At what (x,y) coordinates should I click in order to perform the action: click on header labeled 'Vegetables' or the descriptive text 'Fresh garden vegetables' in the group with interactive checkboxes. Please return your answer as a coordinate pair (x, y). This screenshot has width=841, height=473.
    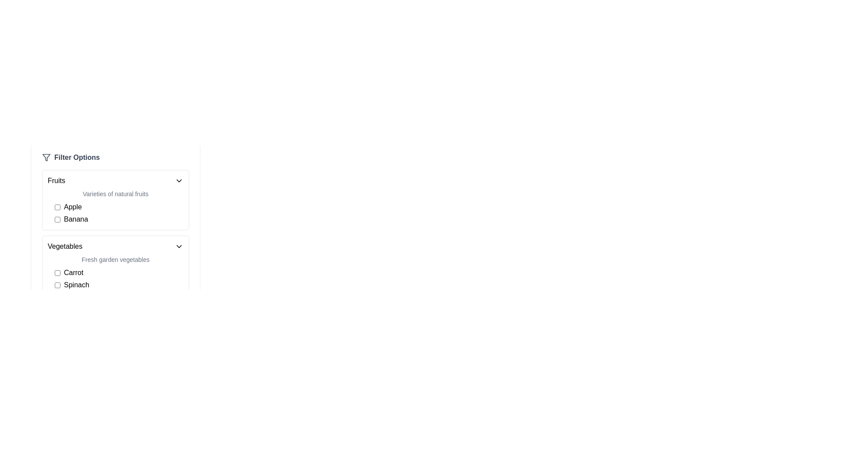
    Looking at the image, I should click on (115, 265).